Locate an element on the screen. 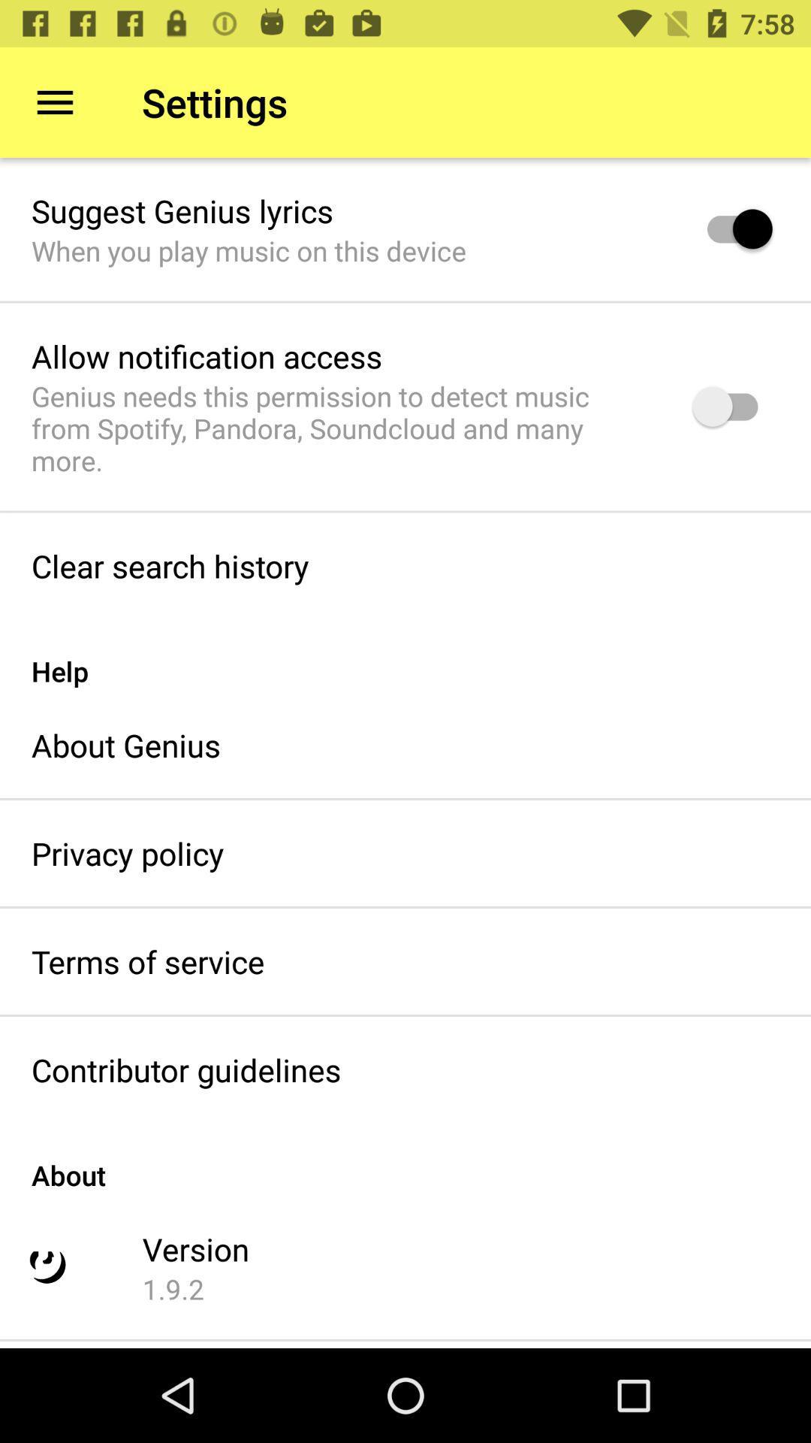  the icon above the clear search history item is located at coordinates (342, 428).